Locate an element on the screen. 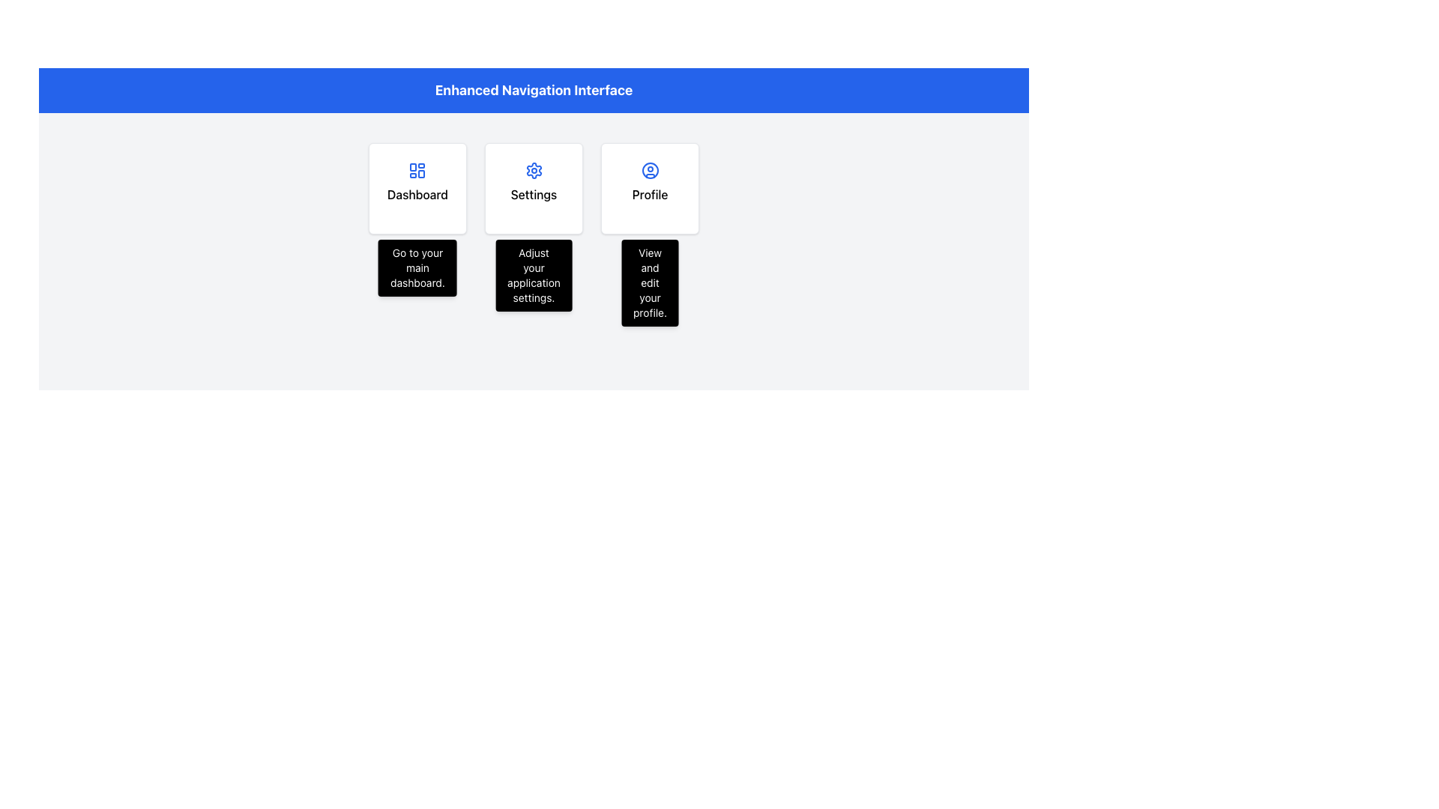 This screenshot has height=809, width=1439. the 'Profile' button, which has a white background, rounded corners, a blue person icon at the top, and bold black text below it is located at coordinates (650, 187).